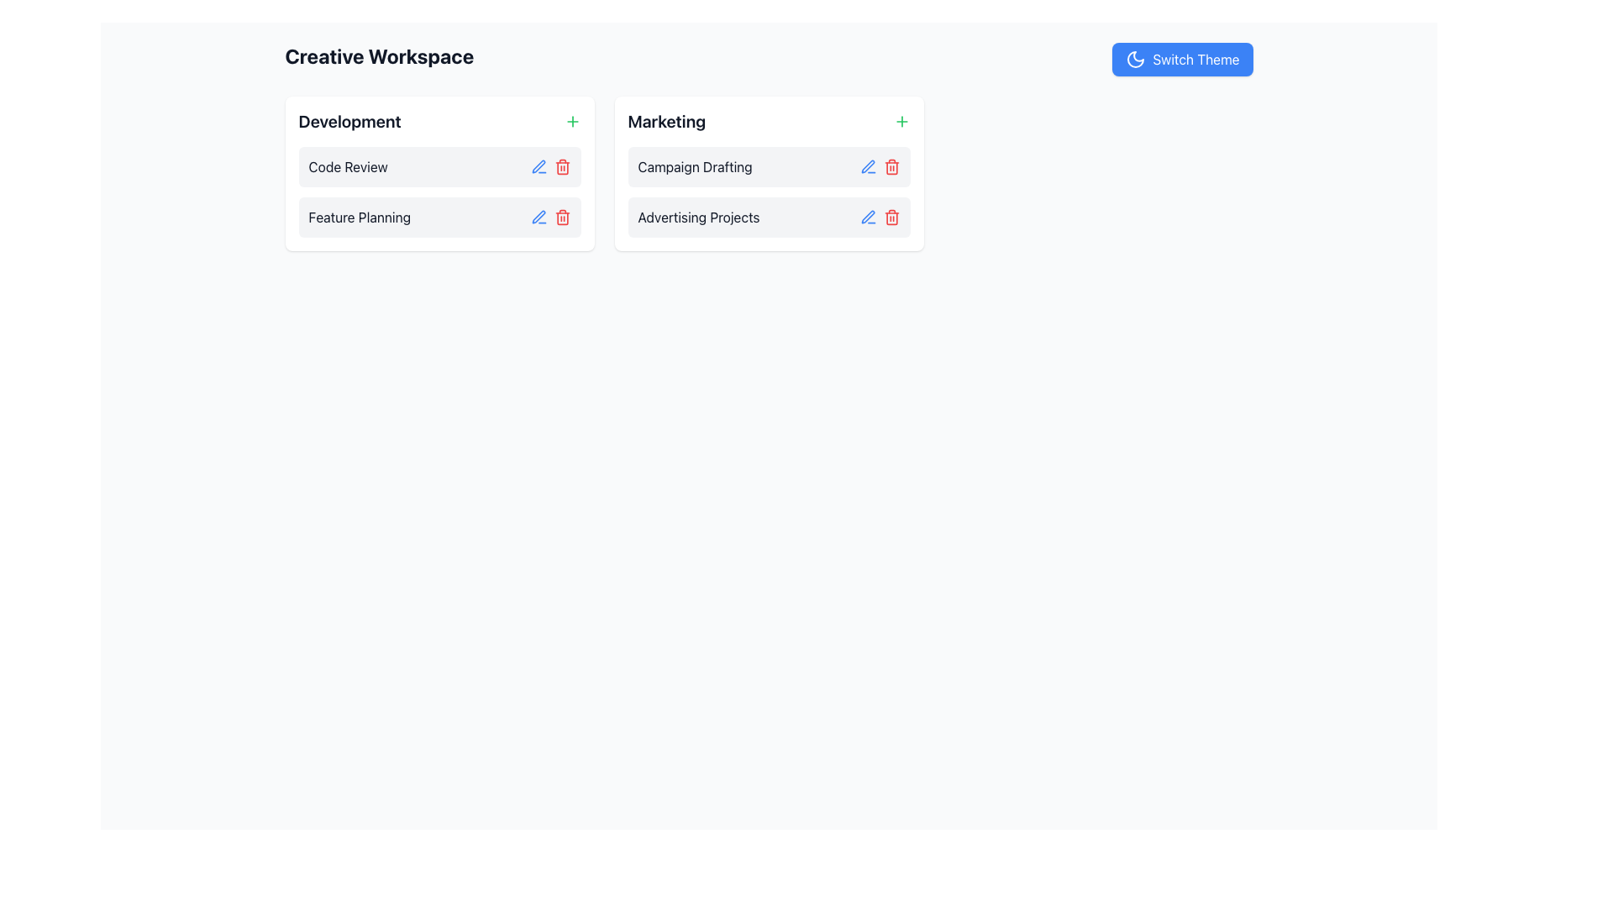  Describe the element at coordinates (562, 218) in the screenshot. I see `the trash can icon button, which is part of the action icons group within the 'Development' card` at that location.